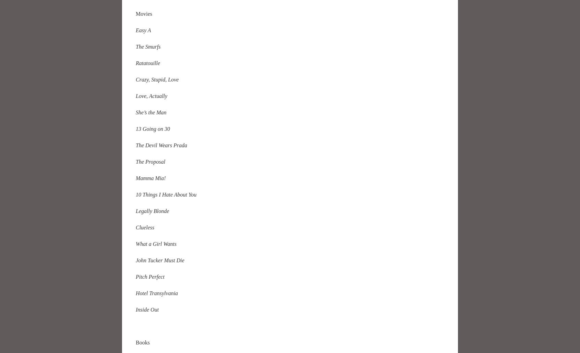 The width and height of the screenshot is (580, 353). I want to click on 'The Proposal', so click(150, 161).